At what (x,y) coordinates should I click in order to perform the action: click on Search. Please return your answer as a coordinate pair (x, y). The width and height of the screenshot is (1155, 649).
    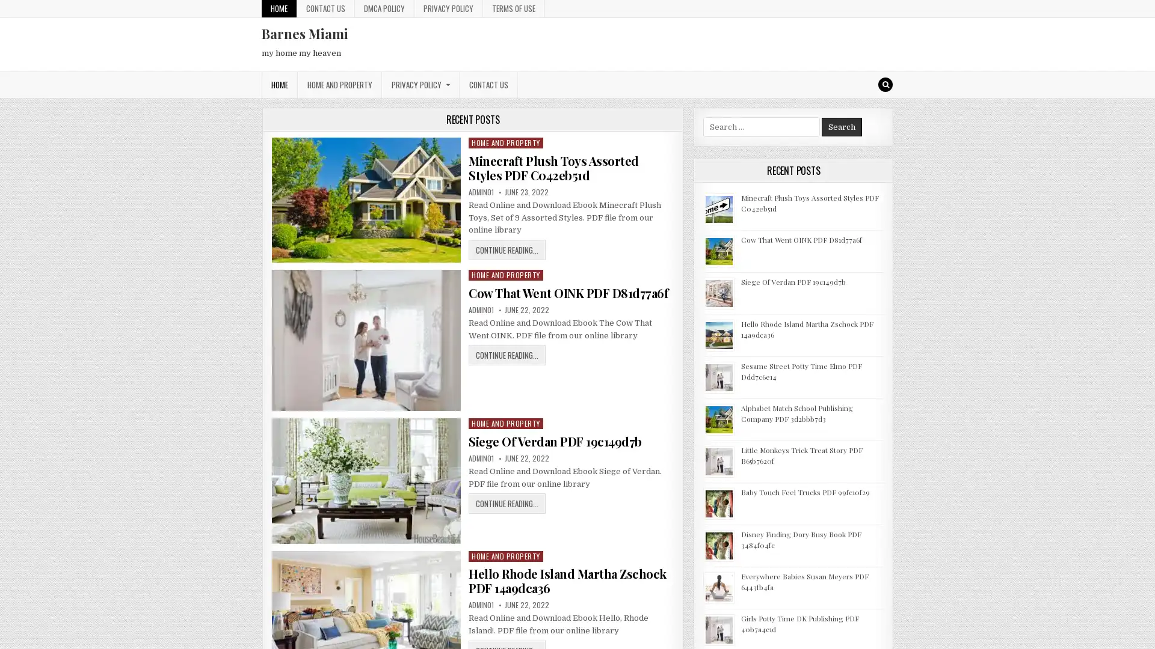
    Looking at the image, I should click on (841, 127).